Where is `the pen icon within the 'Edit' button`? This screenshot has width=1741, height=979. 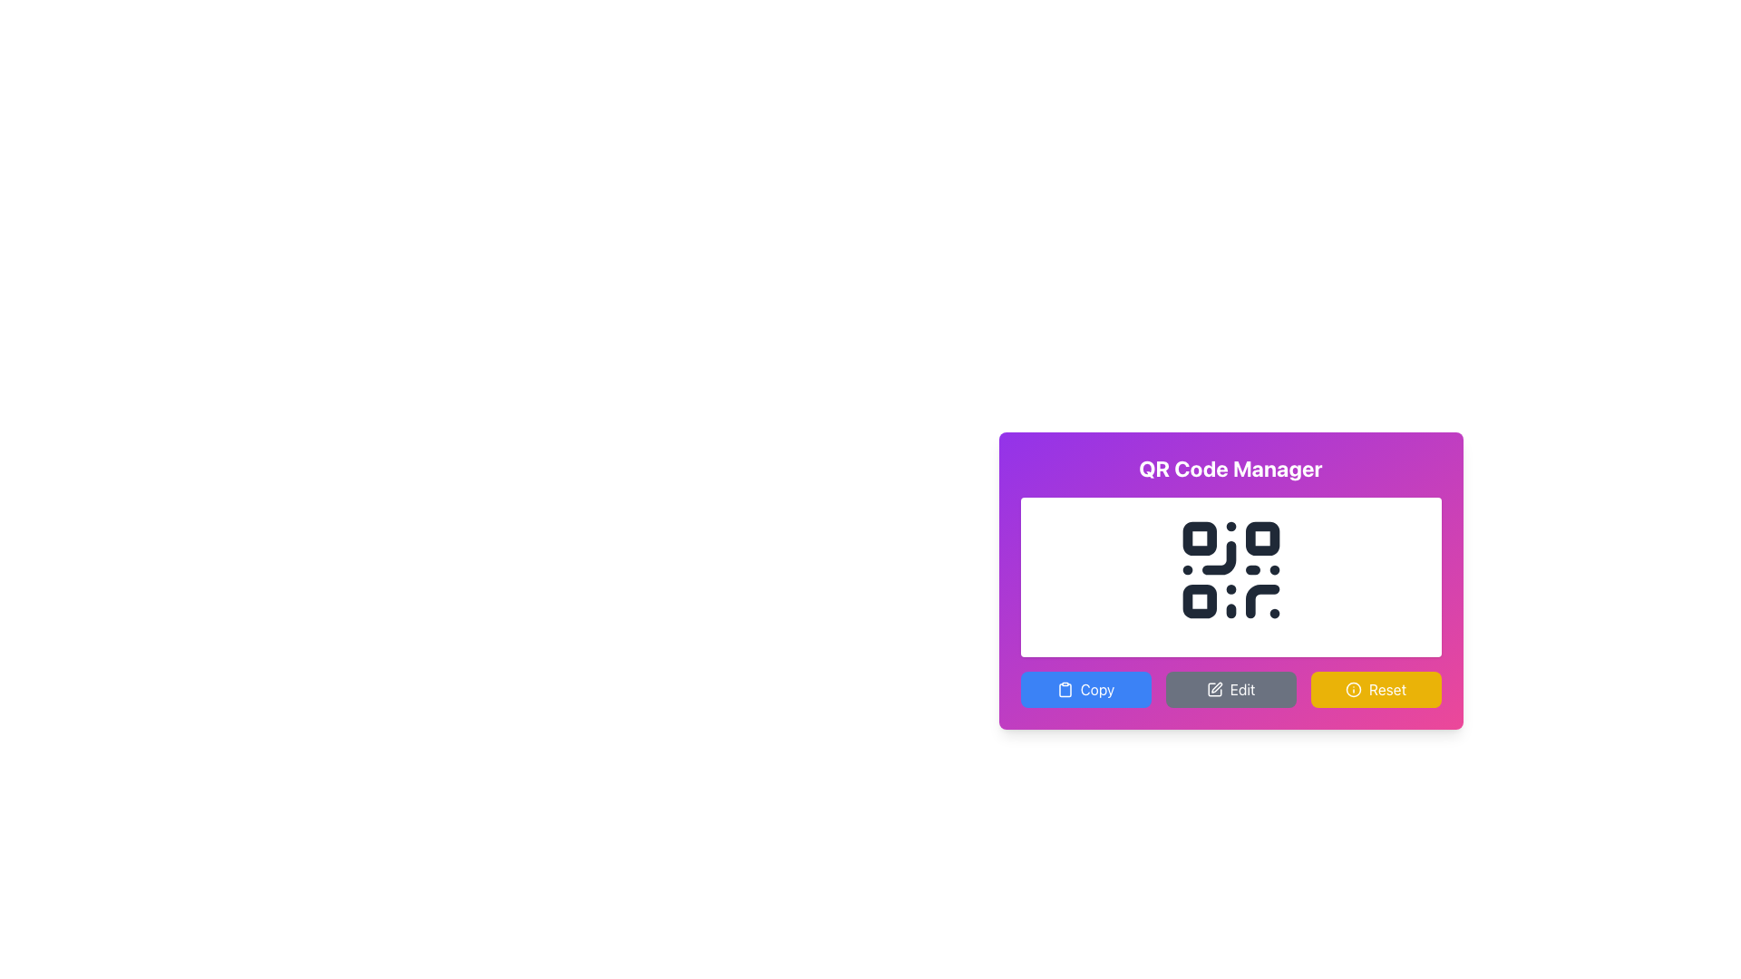 the pen icon within the 'Edit' button is located at coordinates (1214, 689).